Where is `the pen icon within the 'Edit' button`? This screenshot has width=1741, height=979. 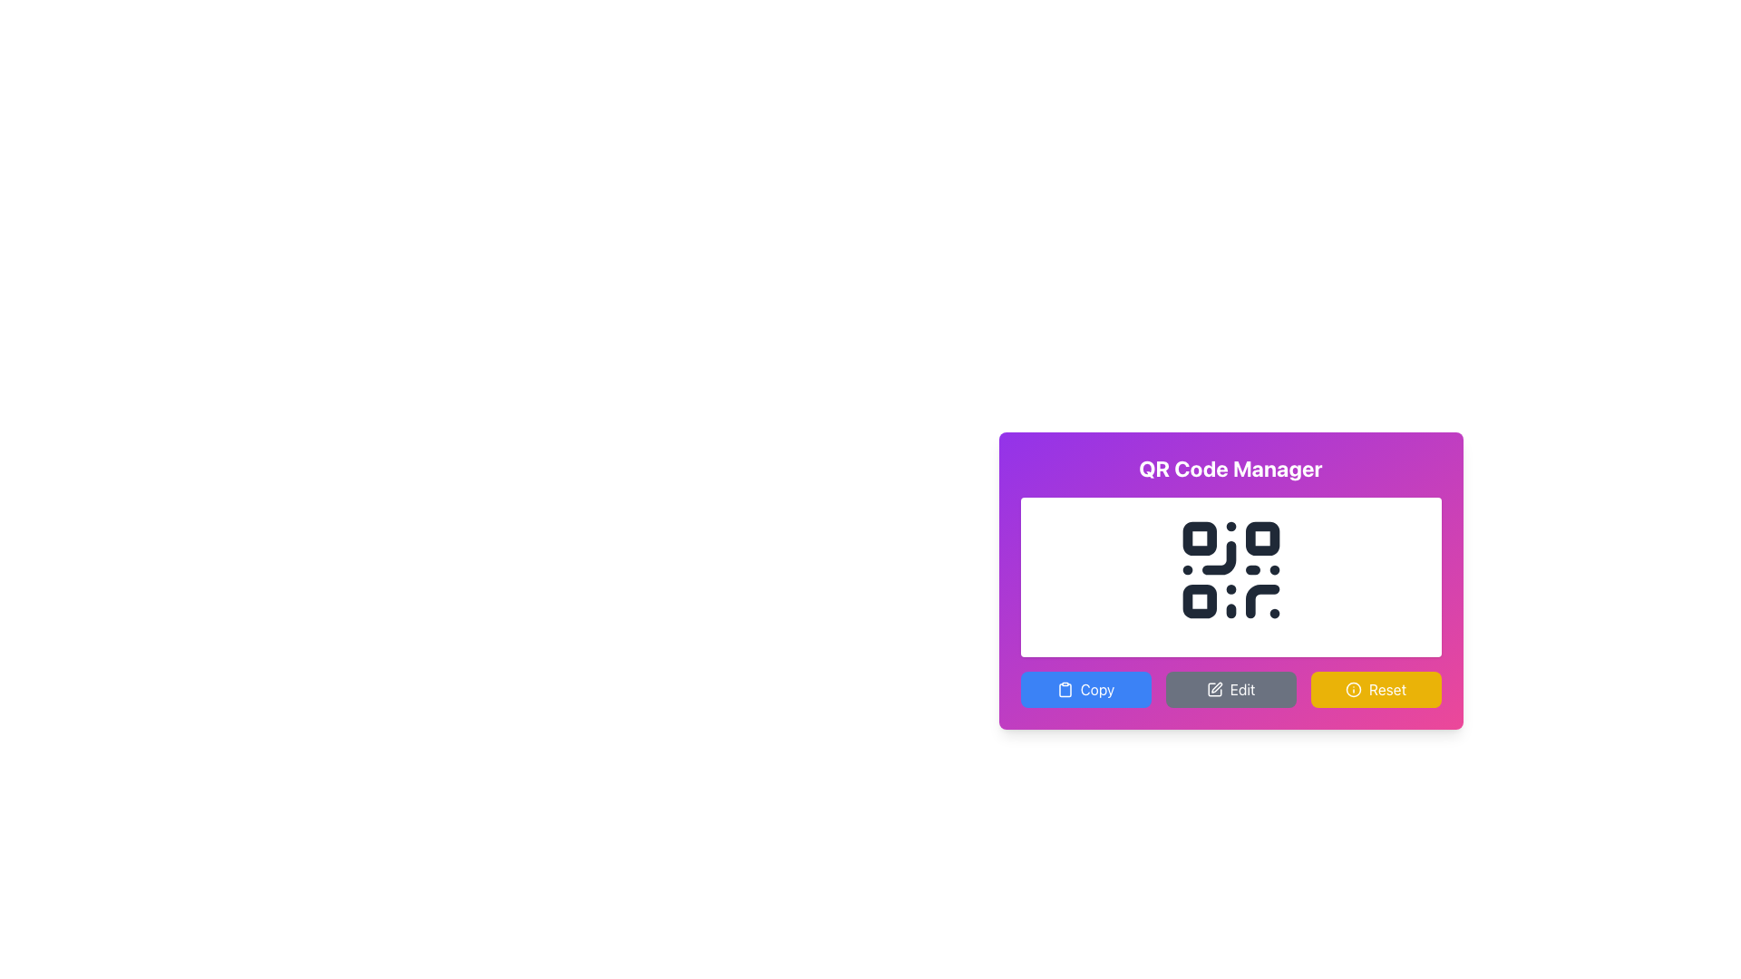 the pen icon within the 'Edit' button is located at coordinates (1214, 689).